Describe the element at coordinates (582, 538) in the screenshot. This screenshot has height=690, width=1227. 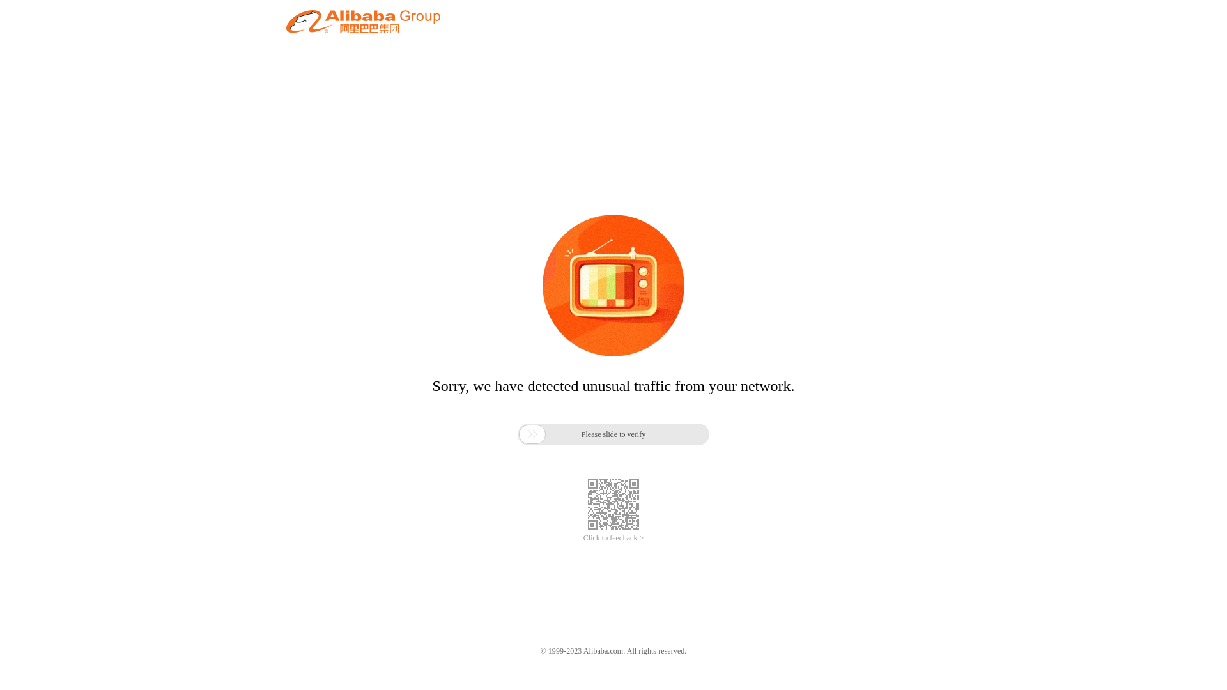
I see `'Click to feedback >'` at that location.